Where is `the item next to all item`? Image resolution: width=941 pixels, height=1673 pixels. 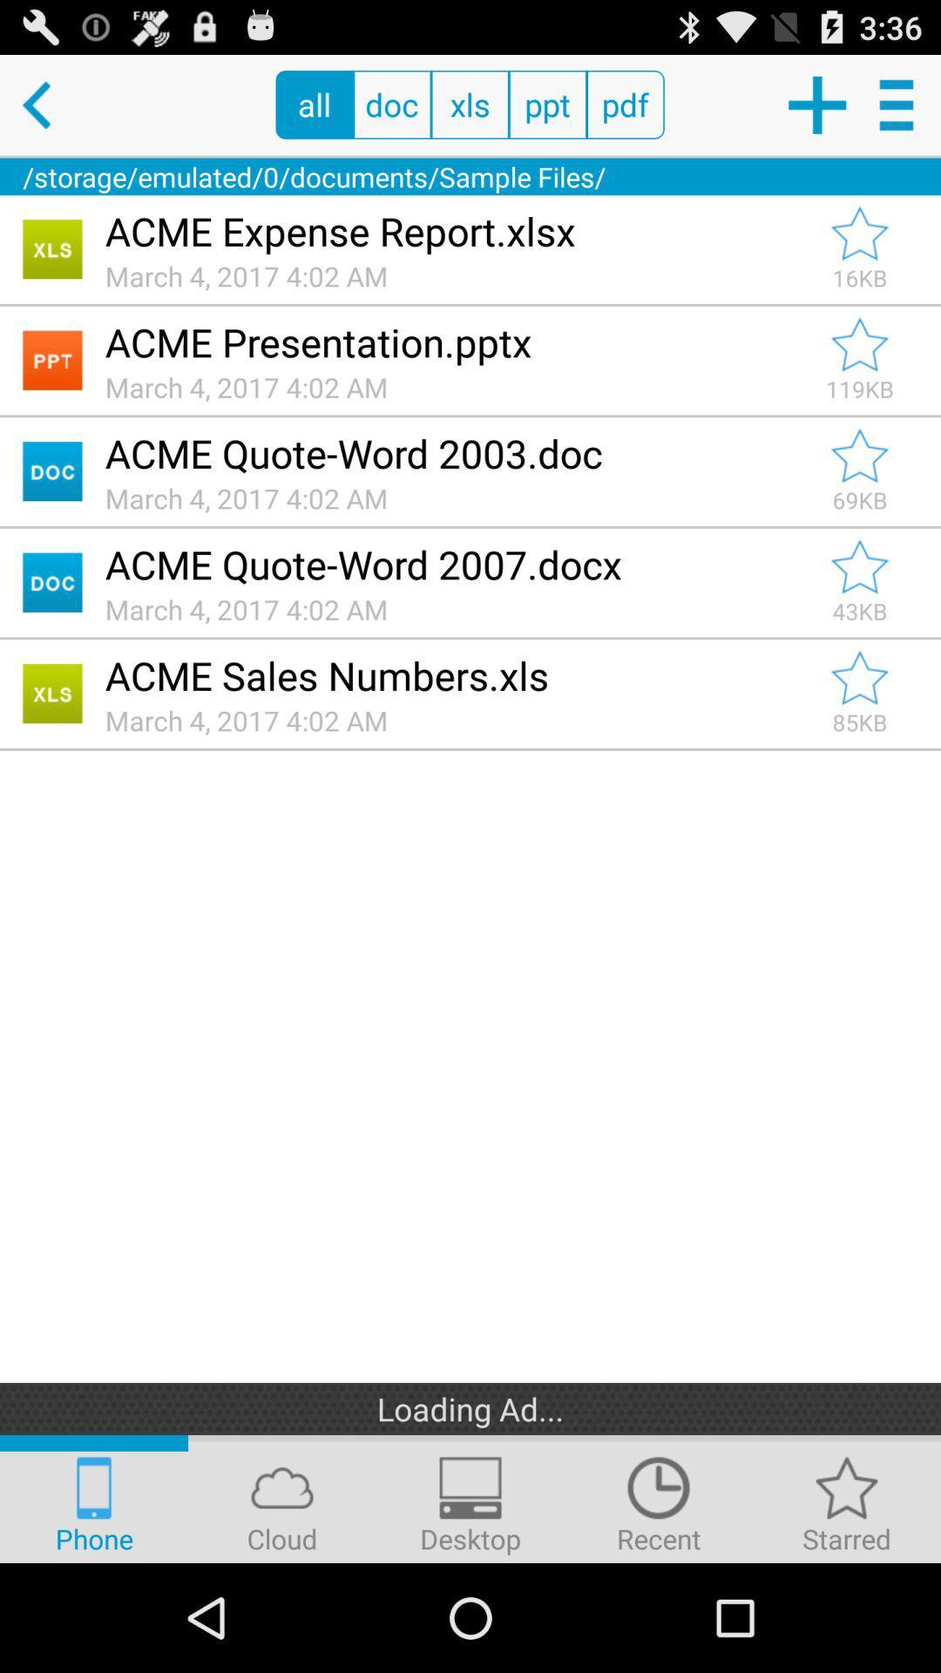
the item next to all item is located at coordinates (49, 104).